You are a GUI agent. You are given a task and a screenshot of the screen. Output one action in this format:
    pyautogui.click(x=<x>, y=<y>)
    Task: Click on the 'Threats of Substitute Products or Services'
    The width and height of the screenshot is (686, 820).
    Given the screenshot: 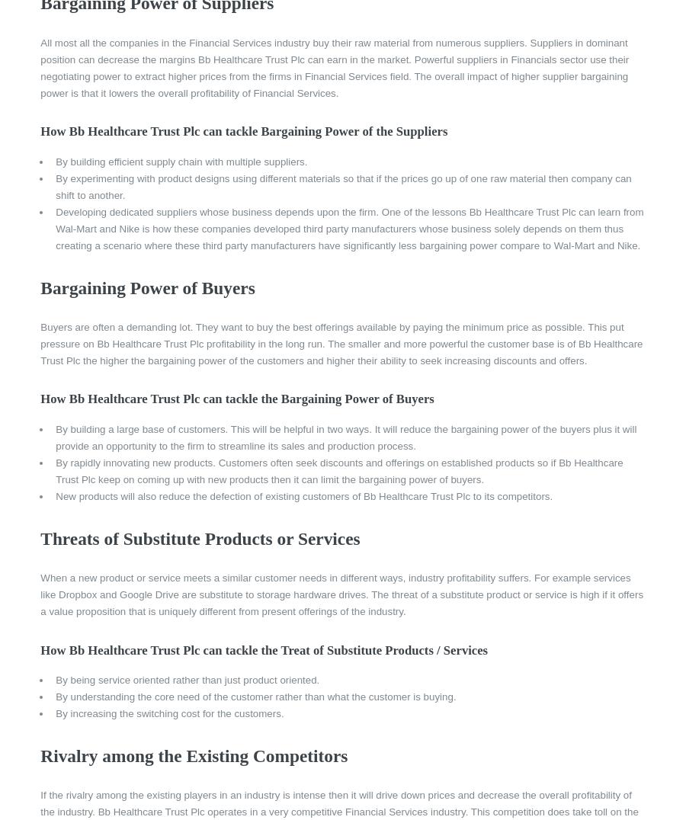 What is the action you would take?
    pyautogui.click(x=199, y=537)
    